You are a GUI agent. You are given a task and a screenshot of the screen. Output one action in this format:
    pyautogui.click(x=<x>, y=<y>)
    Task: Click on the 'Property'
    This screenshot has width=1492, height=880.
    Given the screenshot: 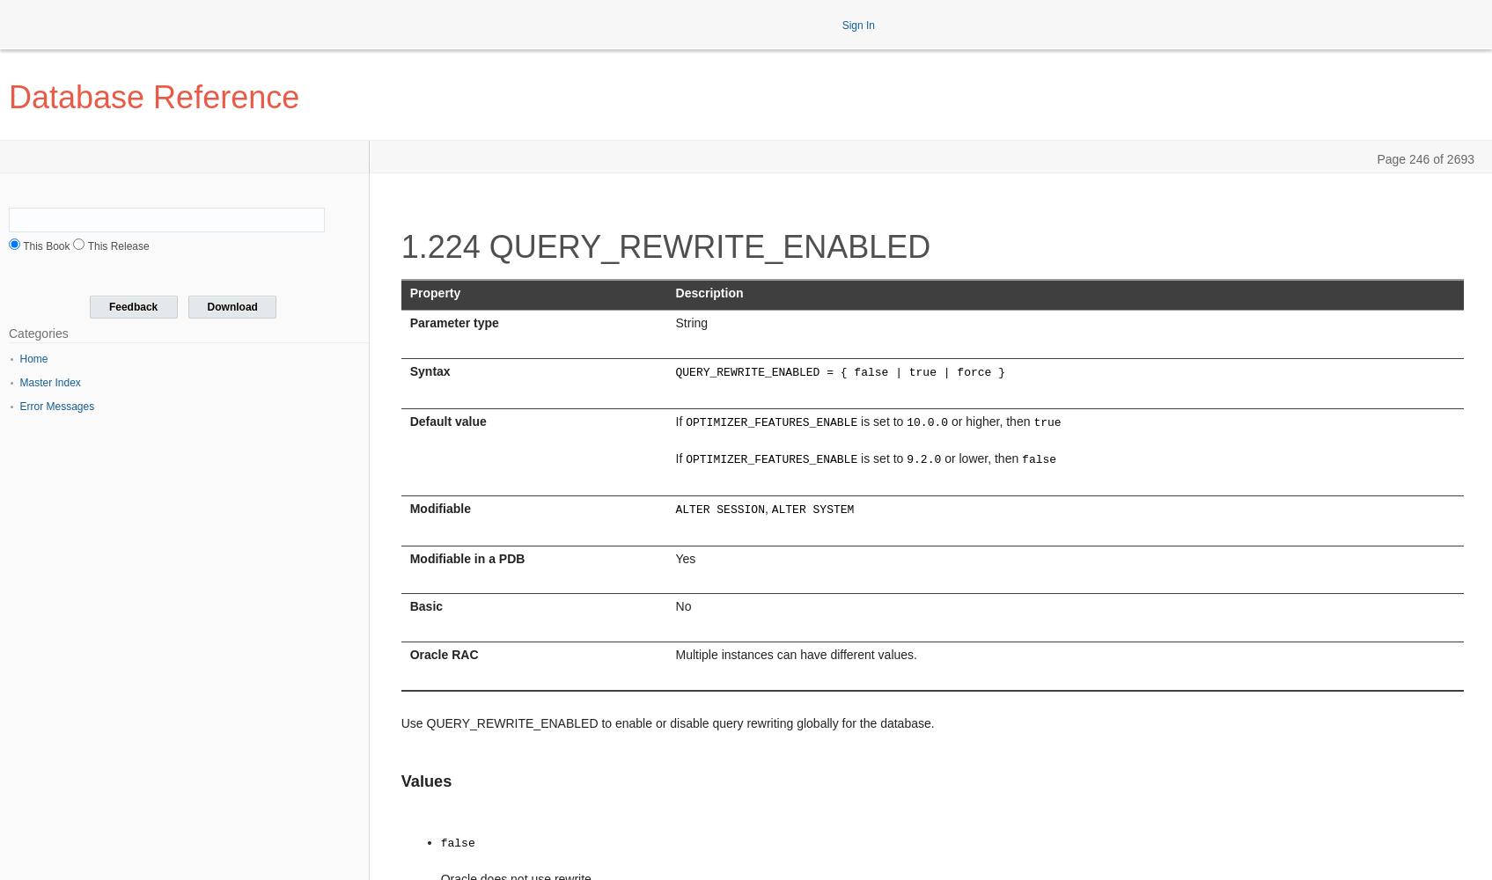 What is the action you would take?
    pyautogui.click(x=433, y=292)
    